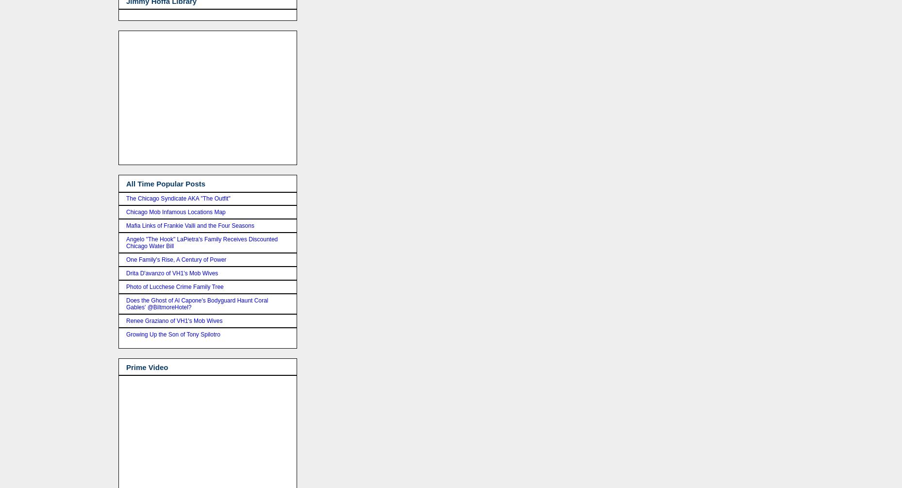 This screenshot has width=902, height=488. What do you see at coordinates (178, 198) in the screenshot?
I see `'The Chicago Syndicate AKA "The Outfit"'` at bounding box center [178, 198].